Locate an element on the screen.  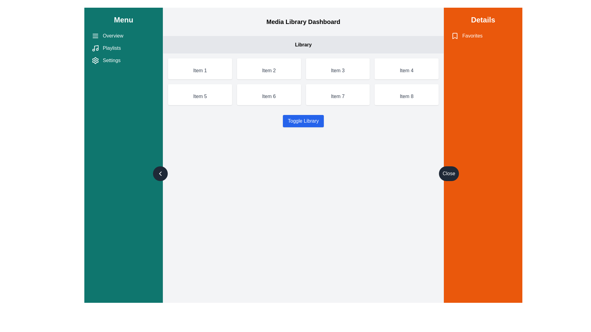
the 'Library' section heading label located below 'Media Library Dashboard' is located at coordinates (303, 45).